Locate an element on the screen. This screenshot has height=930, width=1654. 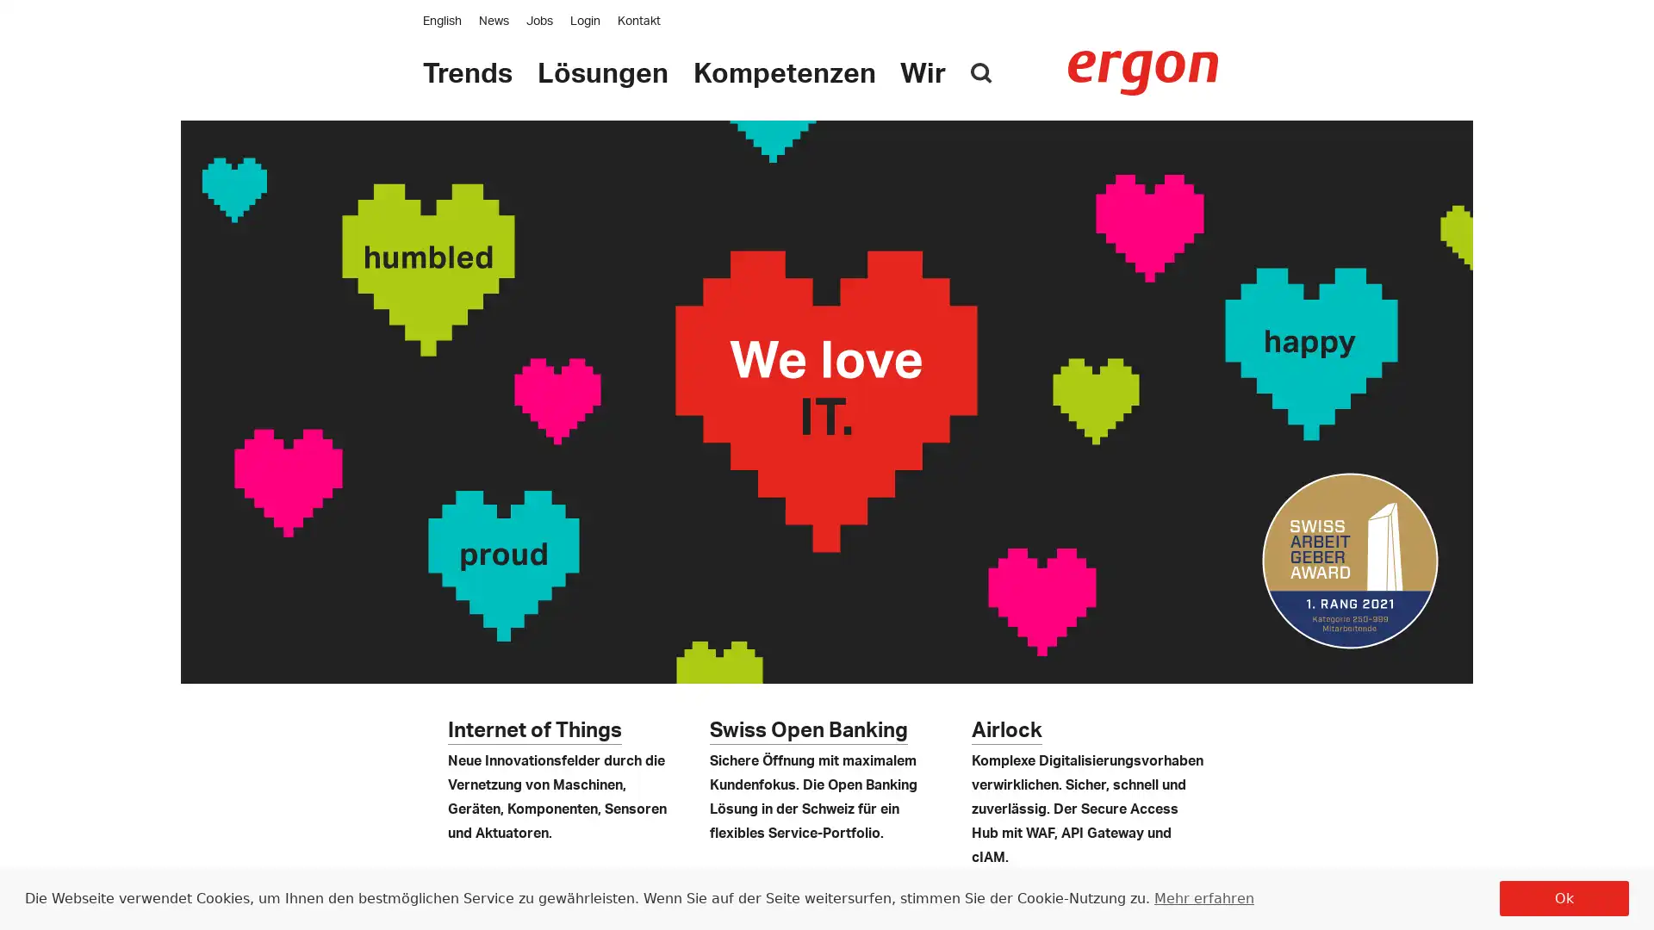
learn more about cookies is located at coordinates (1202, 896).